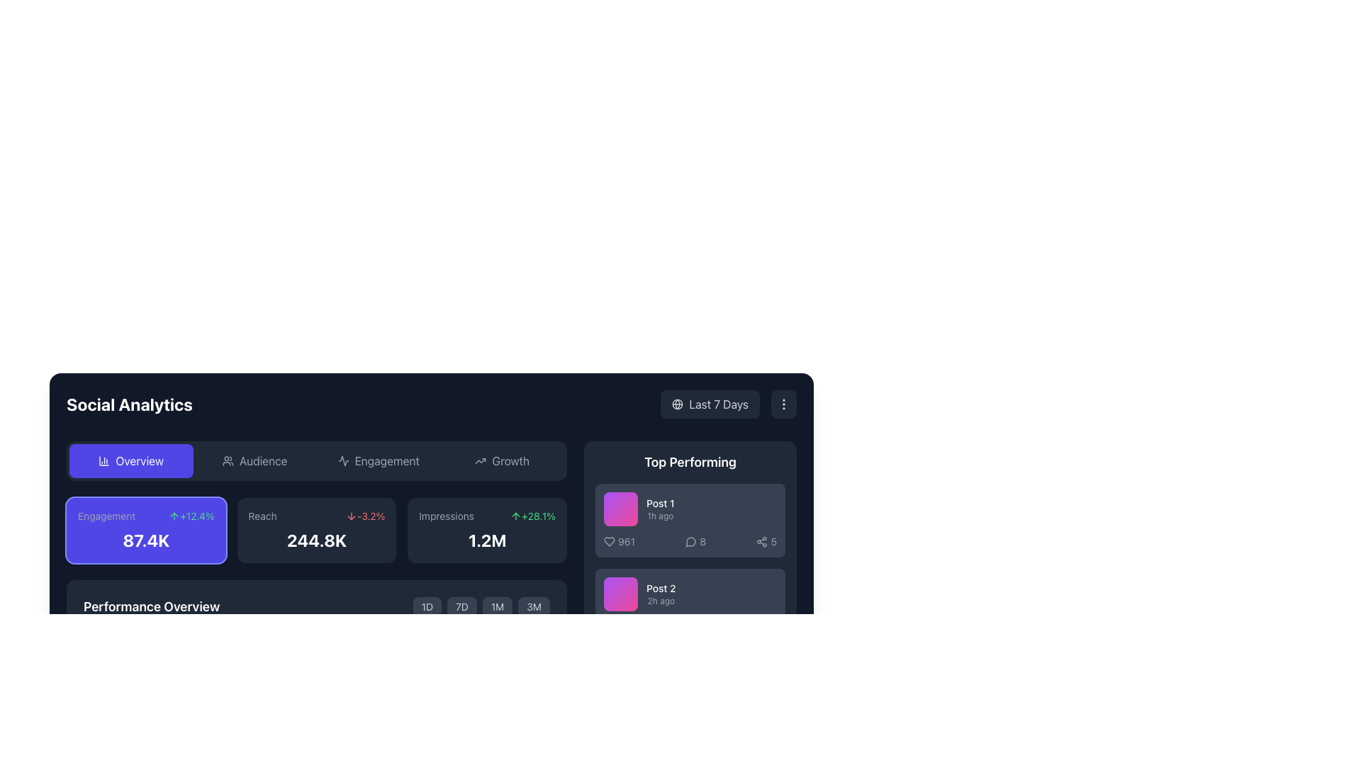  What do you see at coordinates (659, 508) in the screenshot?
I see `the first entry in the 'Top Performing' posts list, which is a Text label group displaying the title and time since posting` at bounding box center [659, 508].